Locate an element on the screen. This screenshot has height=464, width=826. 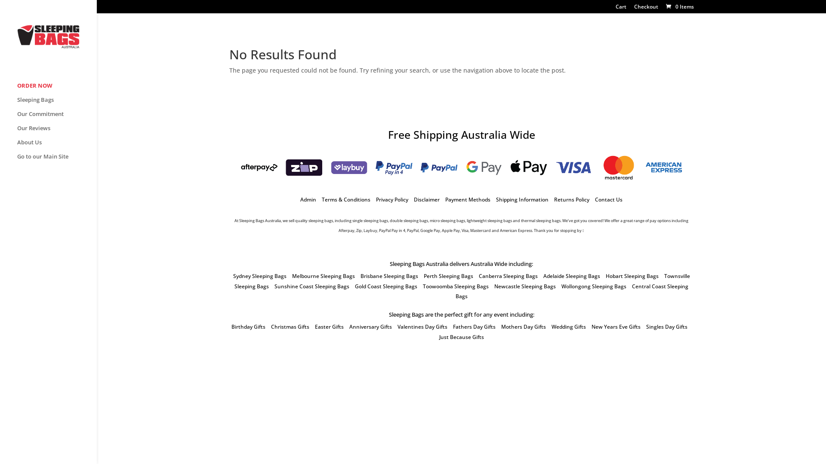
'Cart' is located at coordinates (620, 9).